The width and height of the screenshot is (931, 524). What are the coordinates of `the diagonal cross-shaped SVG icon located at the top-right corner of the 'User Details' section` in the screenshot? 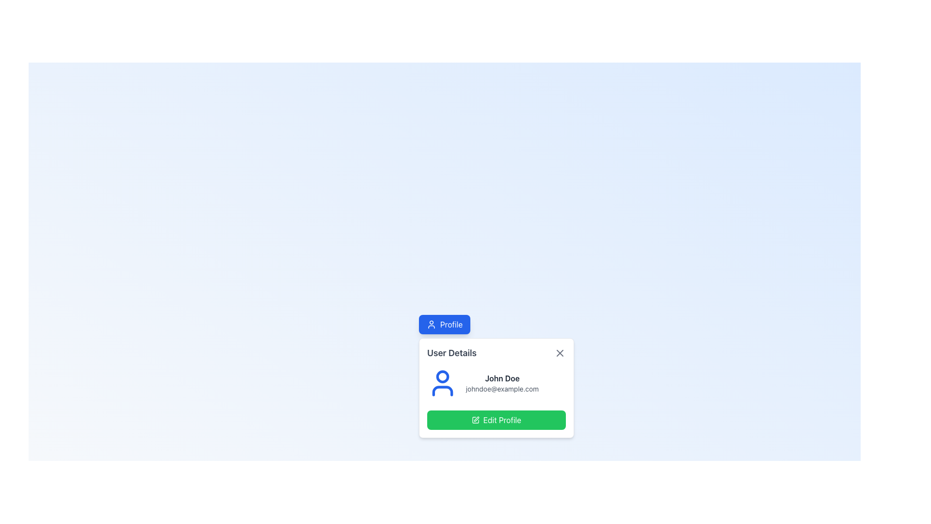 It's located at (560, 353).